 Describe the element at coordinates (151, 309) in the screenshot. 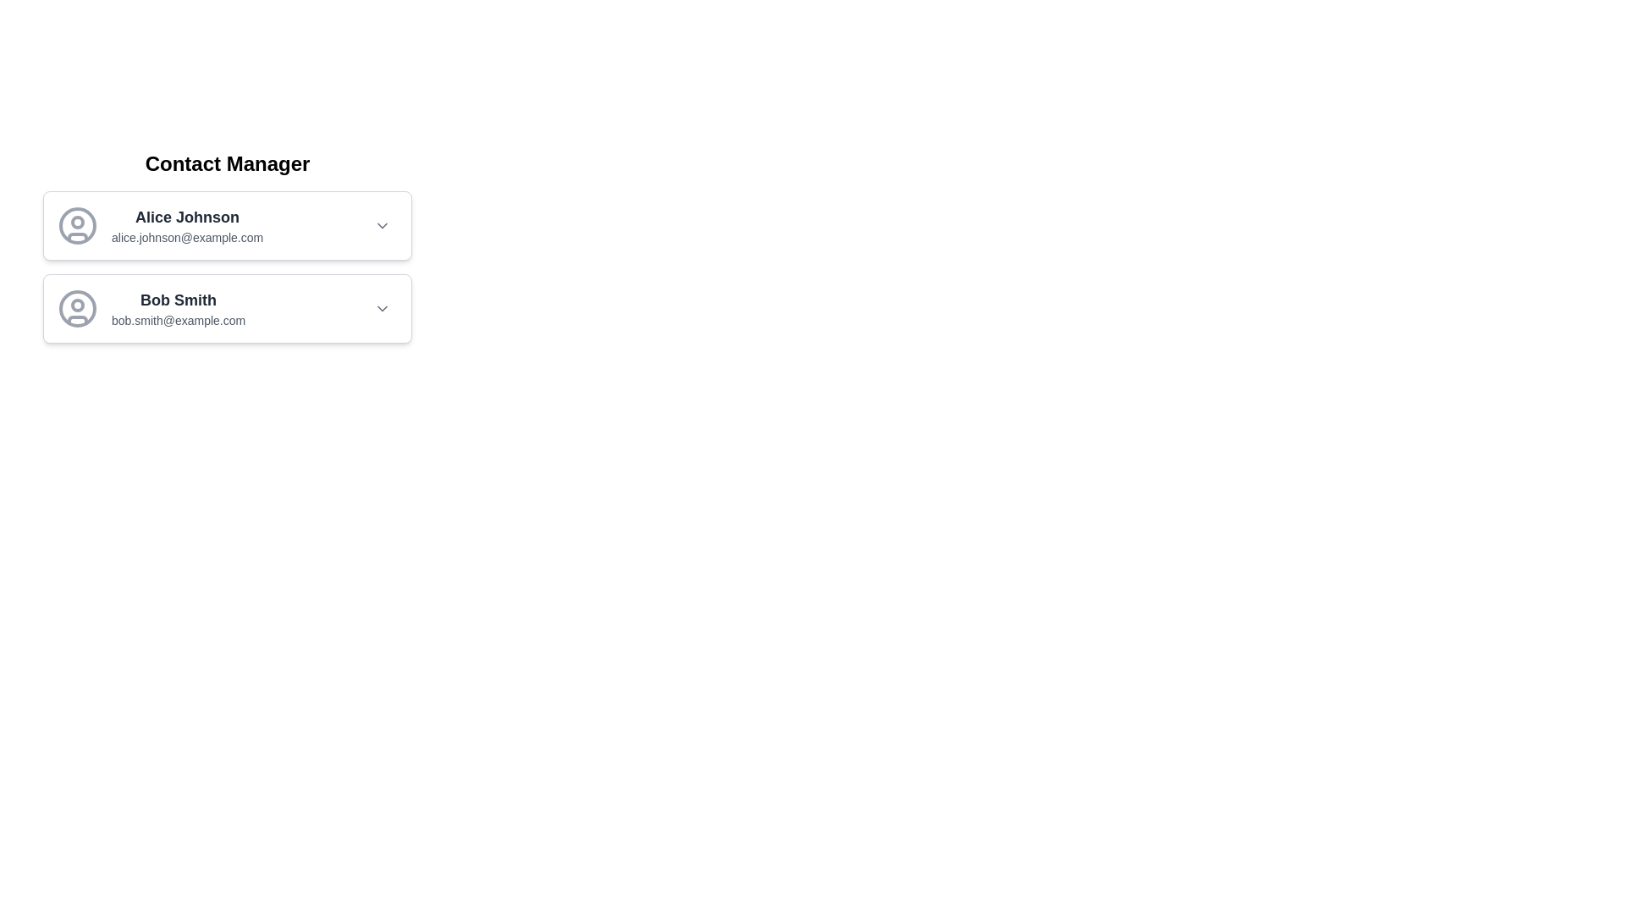

I see `the user profile display element, which shows the user's name and email` at that location.